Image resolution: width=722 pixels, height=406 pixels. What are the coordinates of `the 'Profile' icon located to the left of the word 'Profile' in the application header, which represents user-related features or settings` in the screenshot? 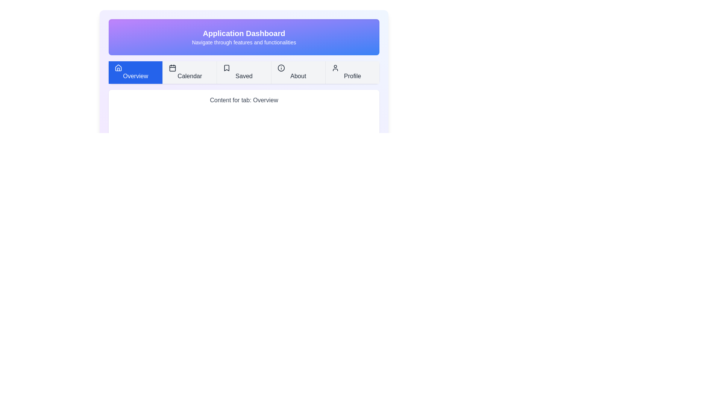 It's located at (335, 68).